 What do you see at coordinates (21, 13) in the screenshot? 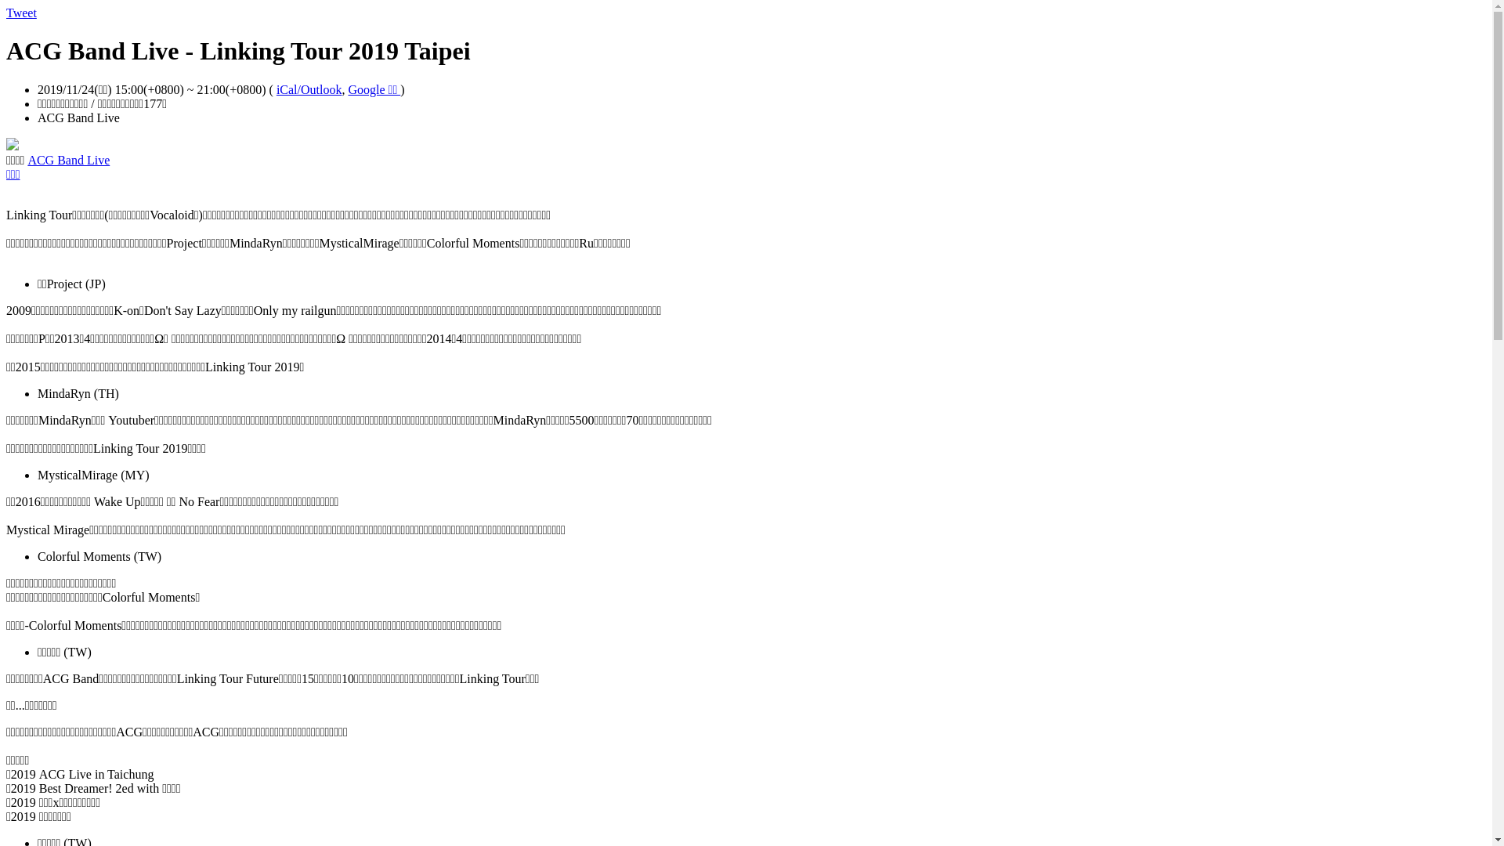
I see `'Tweet'` at bounding box center [21, 13].